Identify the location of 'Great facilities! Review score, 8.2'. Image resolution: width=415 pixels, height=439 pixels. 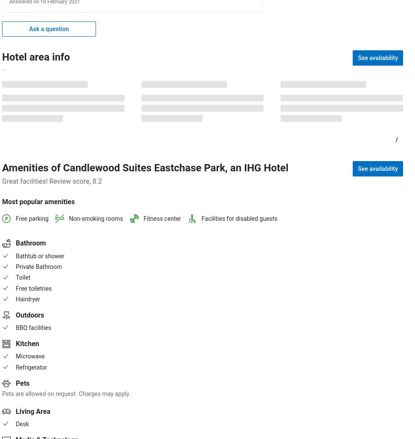
(2, 181).